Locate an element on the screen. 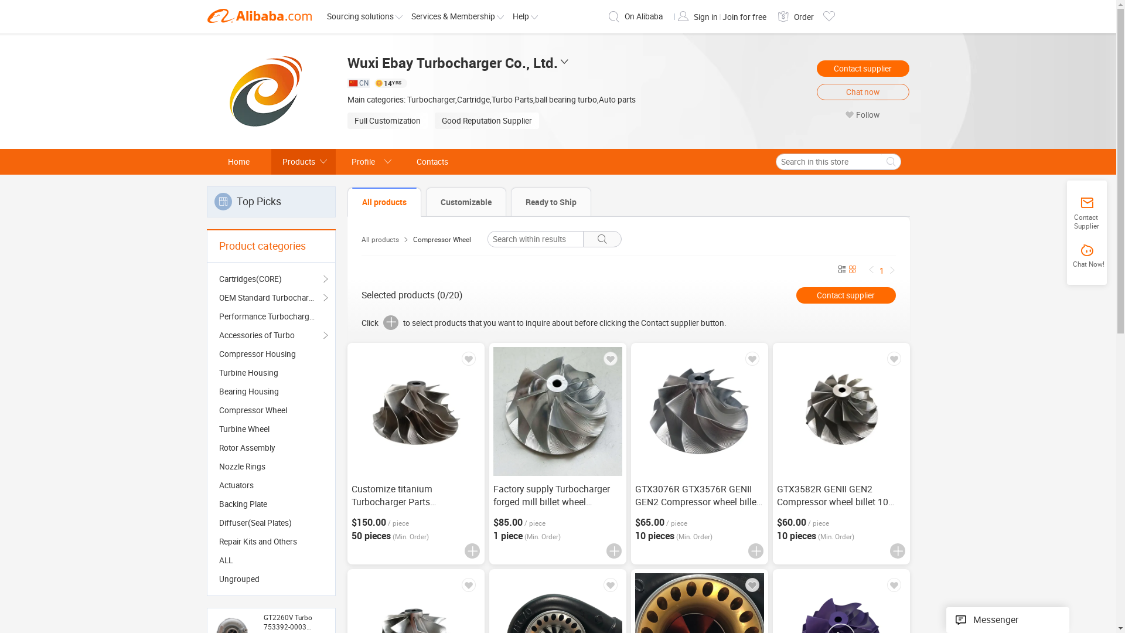 The image size is (1125, 633). 'Ungrouped' is located at coordinates (270, 578).